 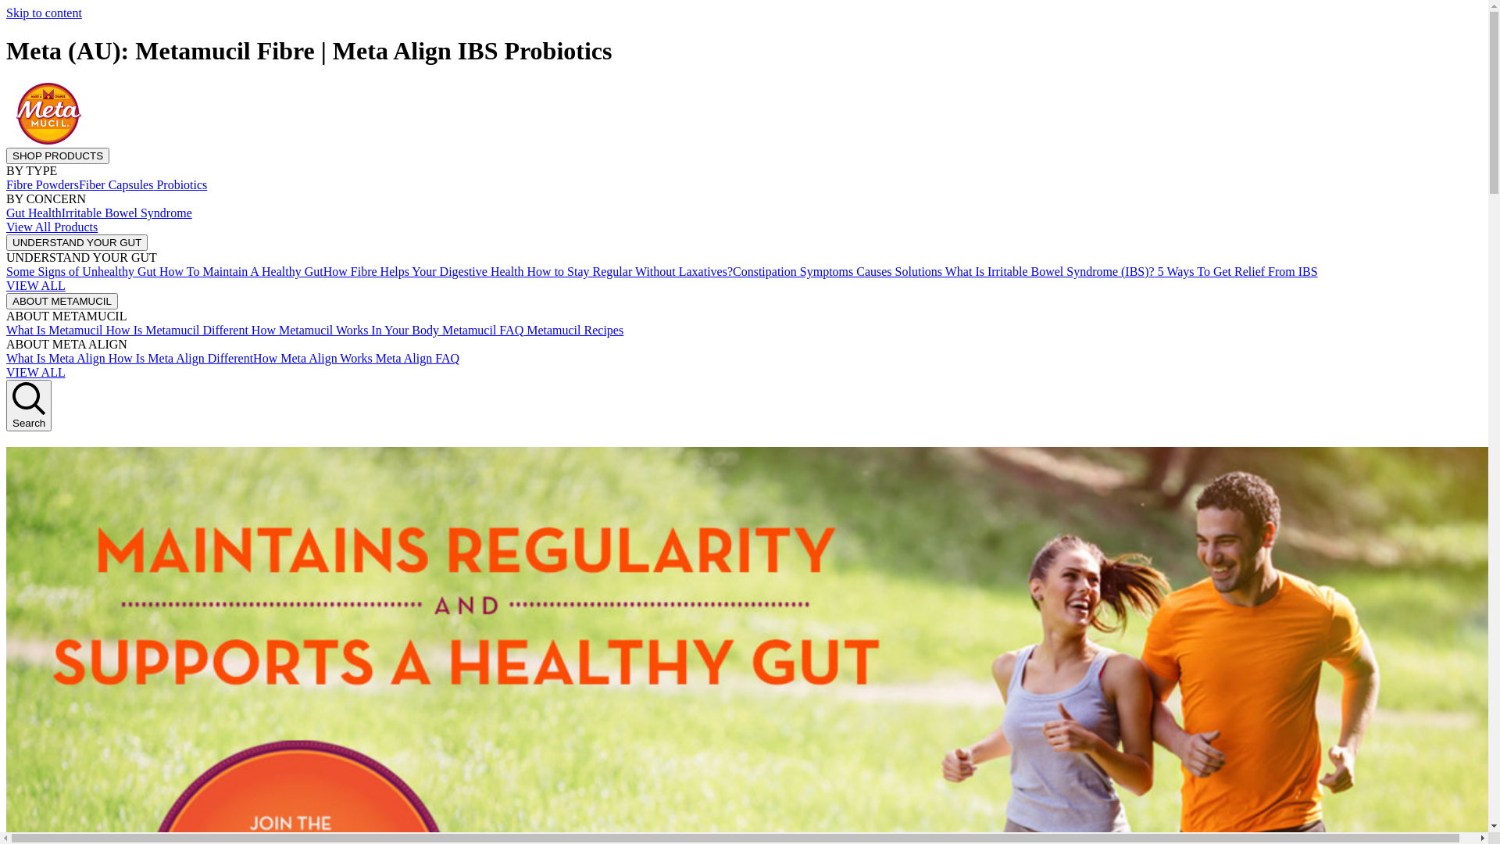 What do you see at coordinates (179, 358) in the screenshot?
I see `'How Is Meta Align Different'` at bounding box center [179, 358].